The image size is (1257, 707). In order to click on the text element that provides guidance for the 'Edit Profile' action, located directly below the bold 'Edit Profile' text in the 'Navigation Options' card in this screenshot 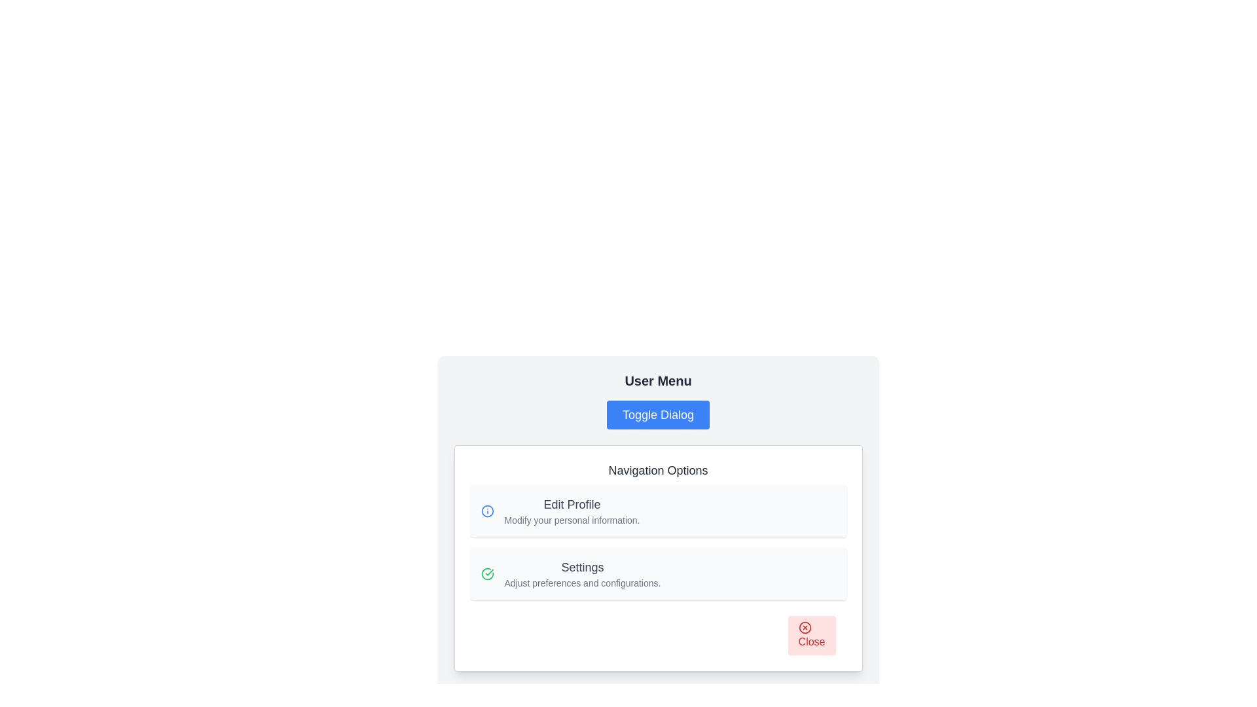, I will do `click(572, 519)`.